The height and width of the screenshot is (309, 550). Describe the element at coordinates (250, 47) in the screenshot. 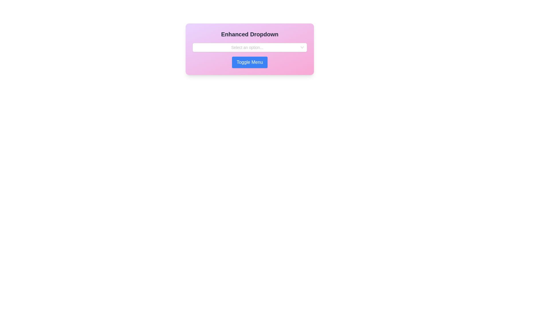

I see `the 'Enhanced Dropdown' menu for keyboard navigation by clicking on its center point` at that location.